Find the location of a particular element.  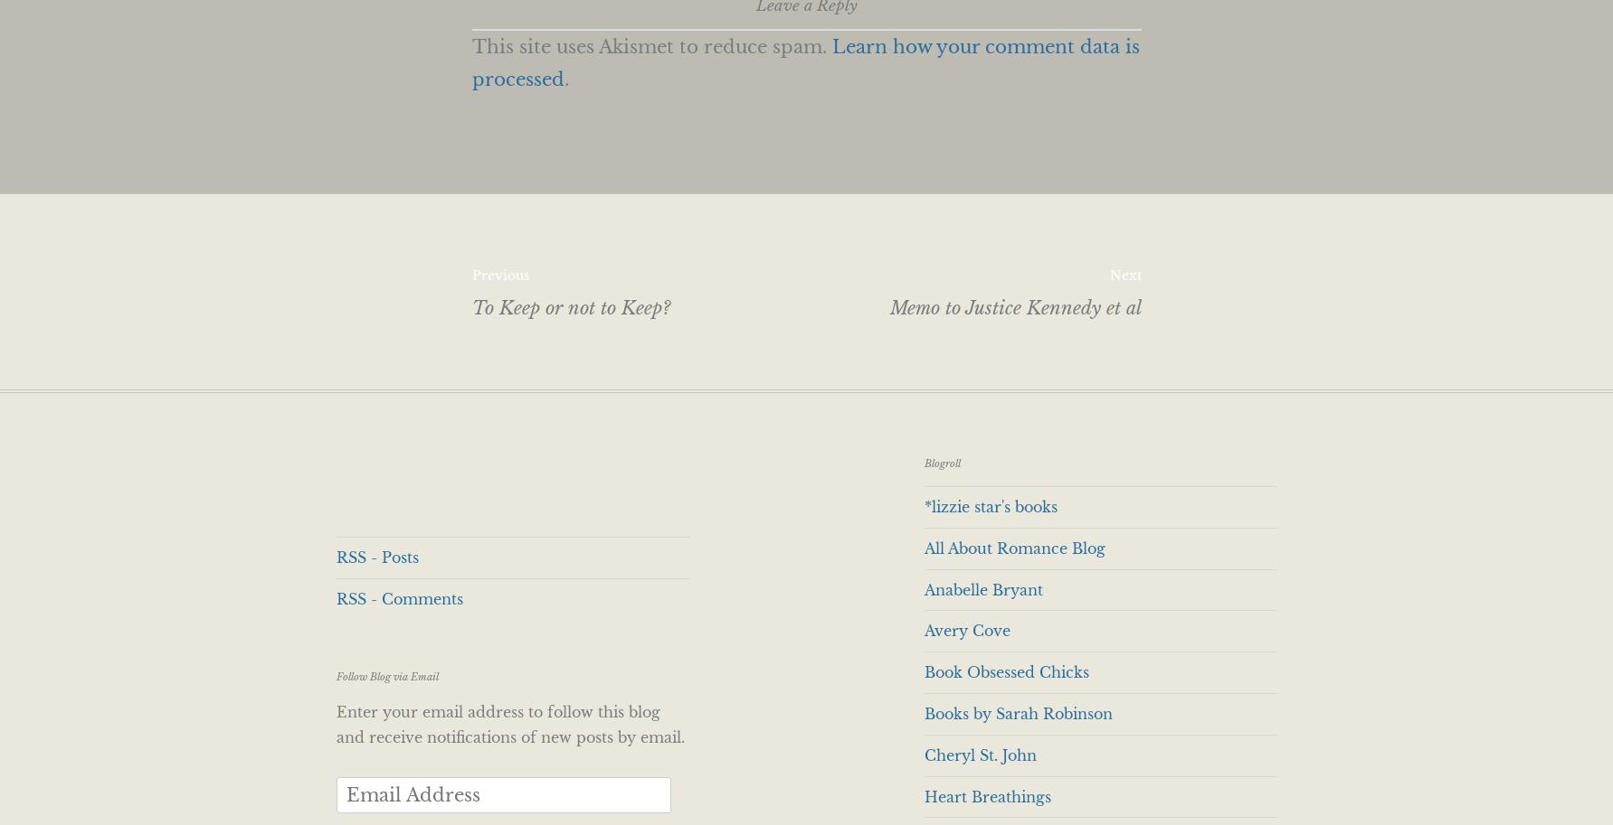

'Books by Sarah Robinson' is located at coordinates (923, 713).